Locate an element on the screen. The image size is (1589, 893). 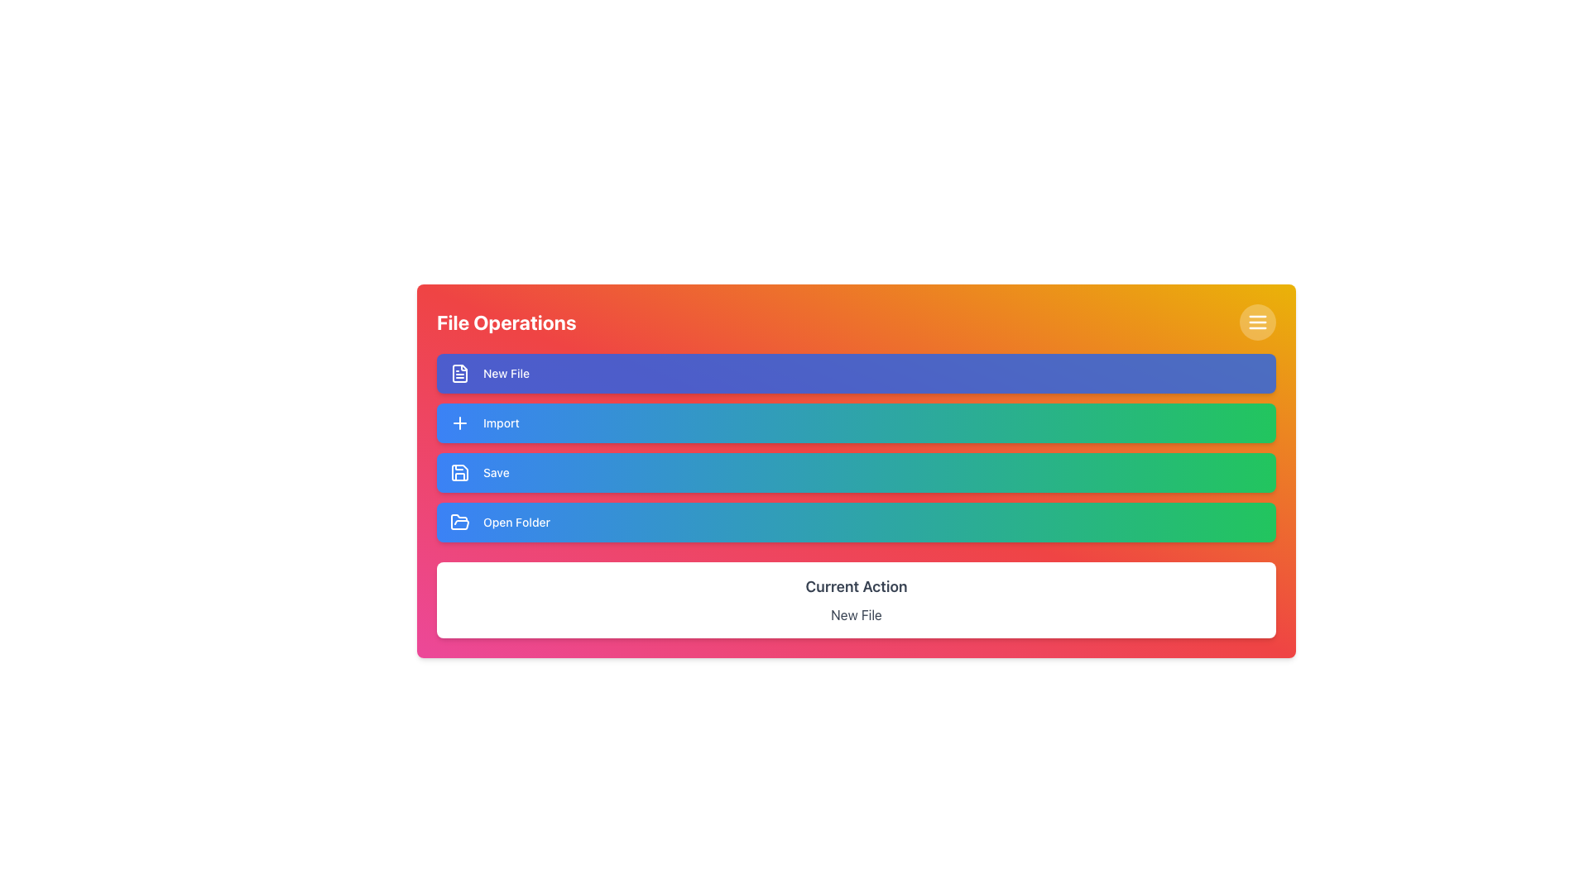
the save icon, which is styled with a rounded rectangle frame and represents a floppy disk, located to the left of the 'Save' text label in the 'File Operations' section is located at coordinates (460, 472).